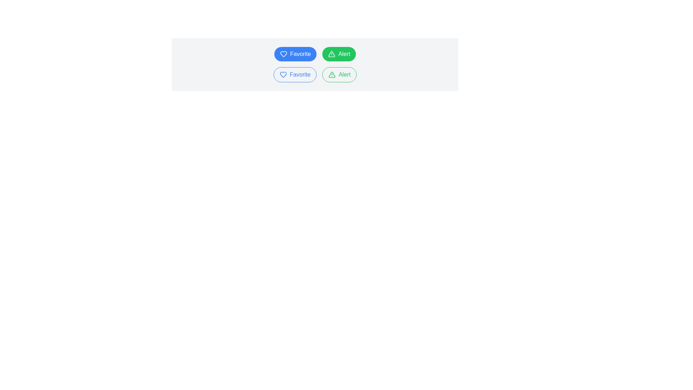 The image size is (693, 390). Describe the element at coordinates (331, 54) in the screenshot. I see `the 'Alert' button which contains the visual indicator for an alert or warning` at that location.